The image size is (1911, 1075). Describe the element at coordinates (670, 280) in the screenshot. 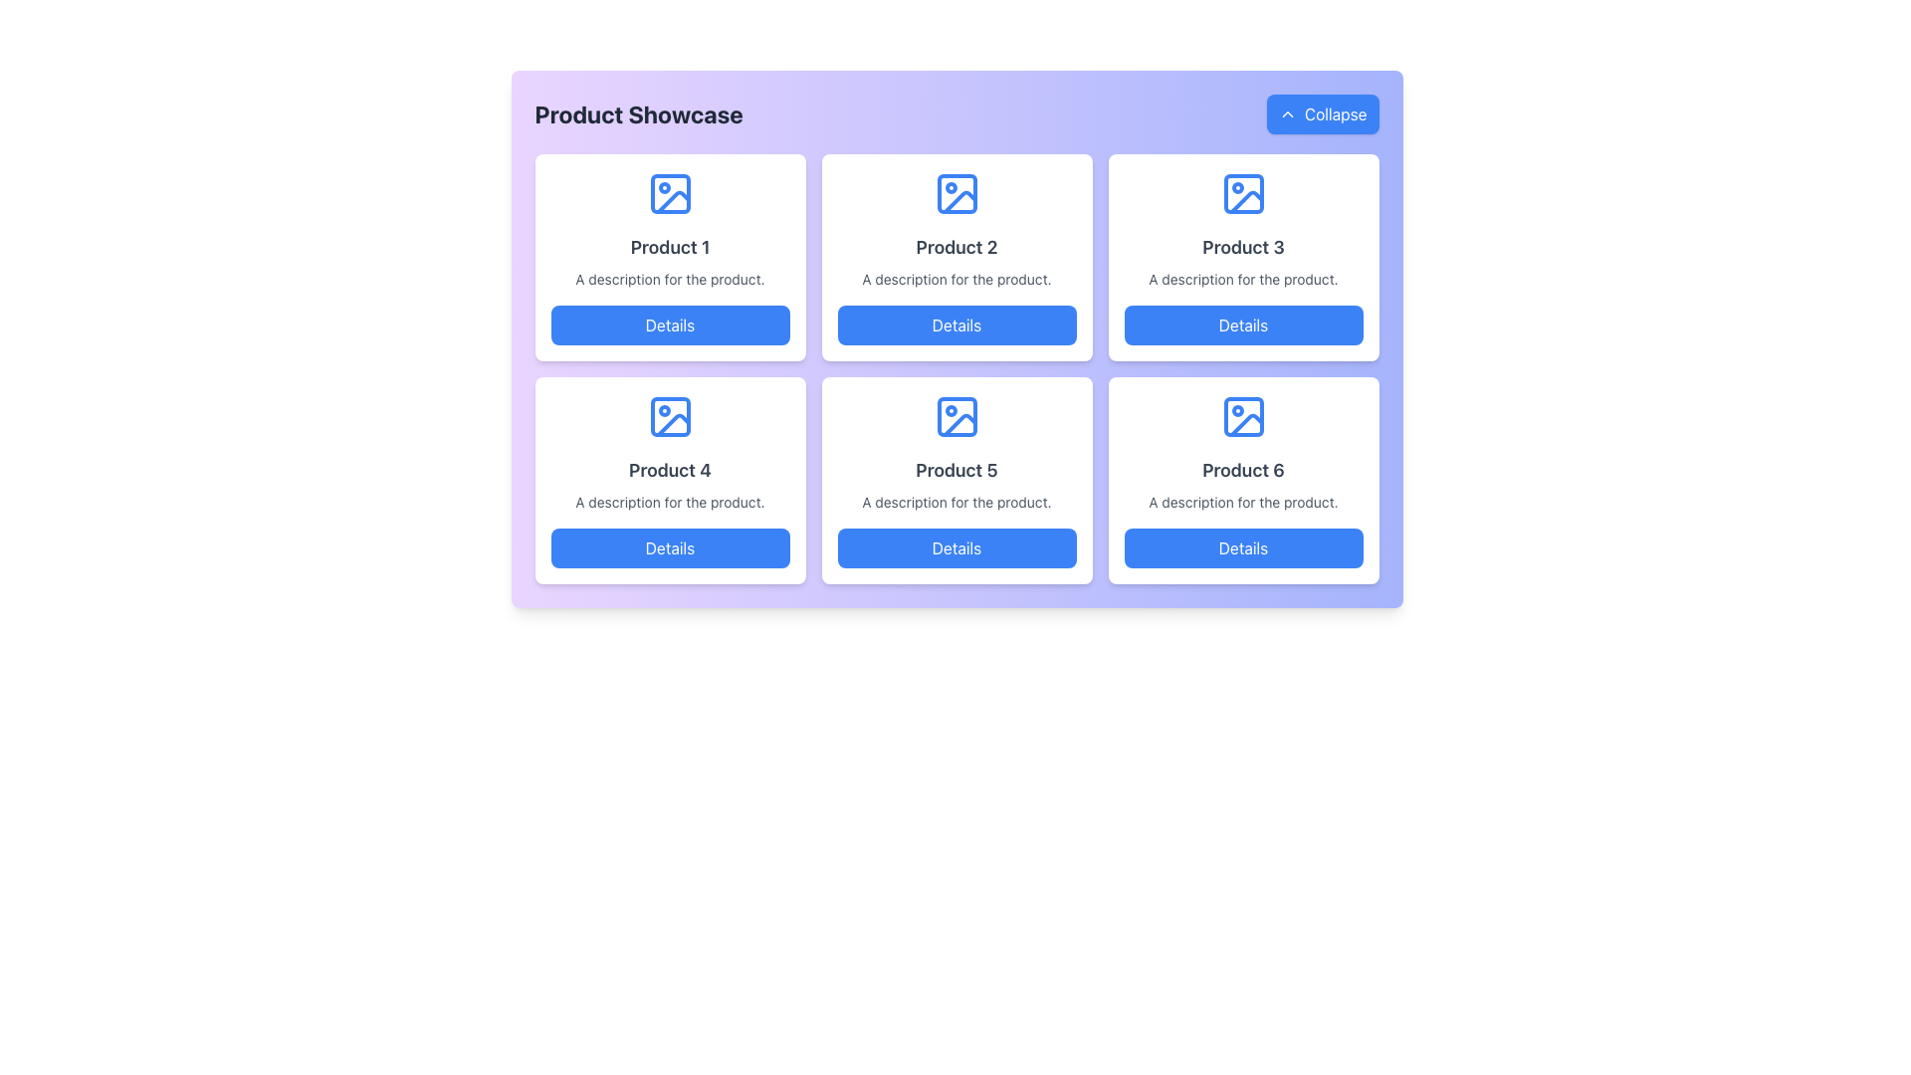

I see `the text label that reads 'A description for the product.' which is styled in gray font and positioned below 'Product 1' and above the 'Details' button` at that location.